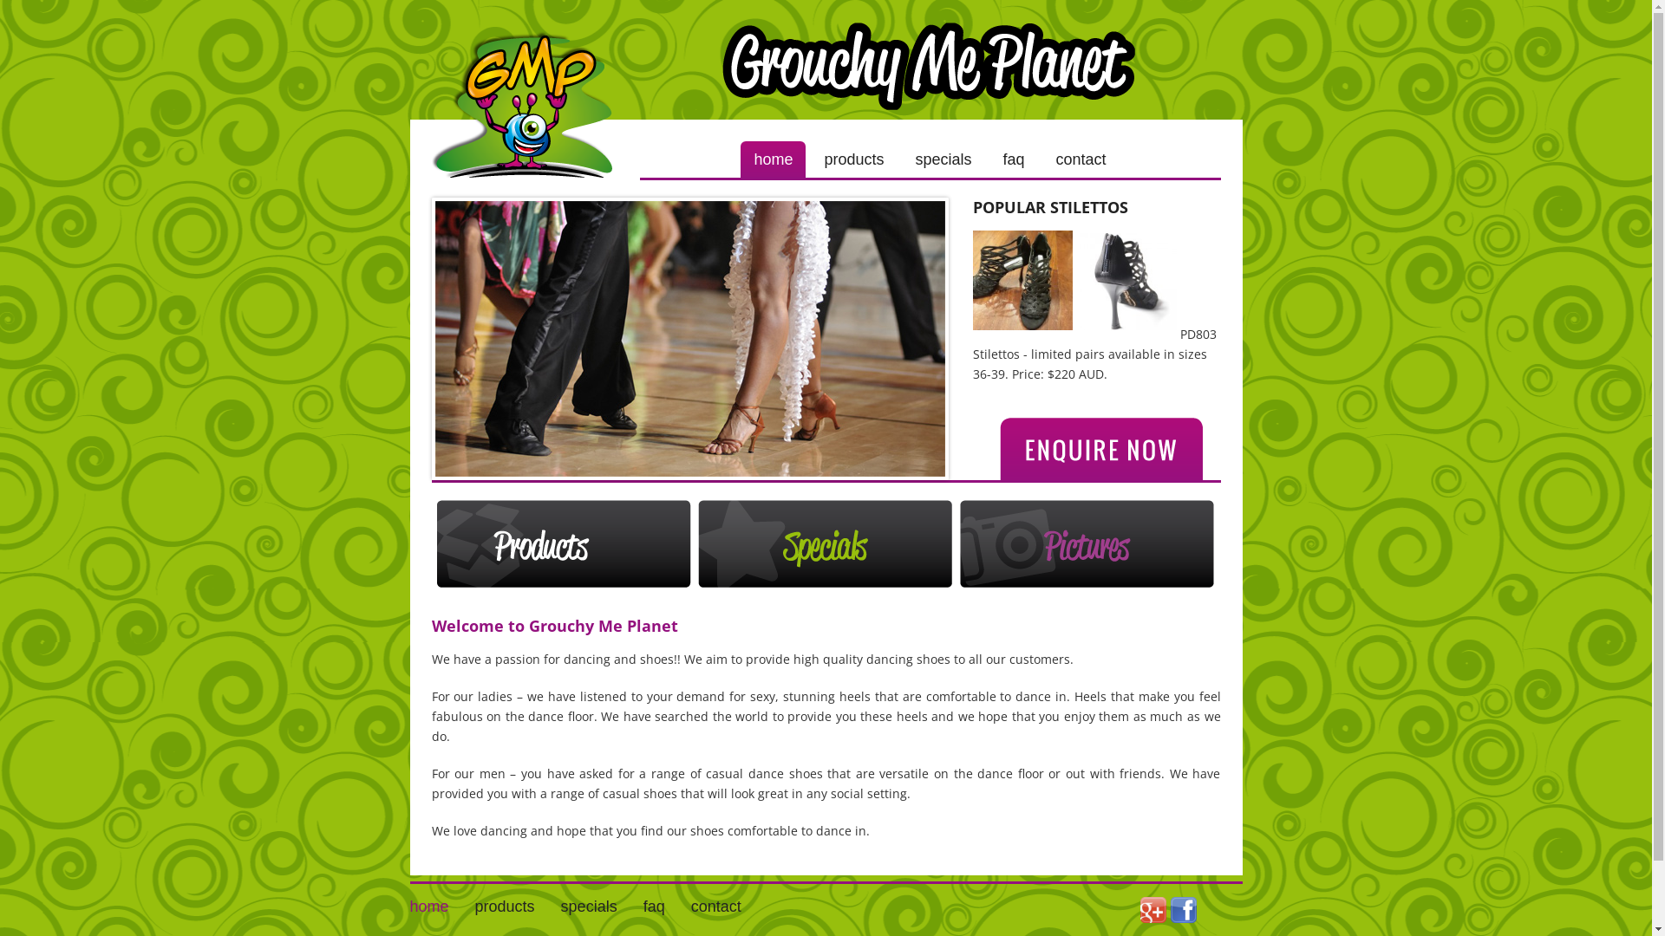  I want to click on 'faq', so click(643, 905).